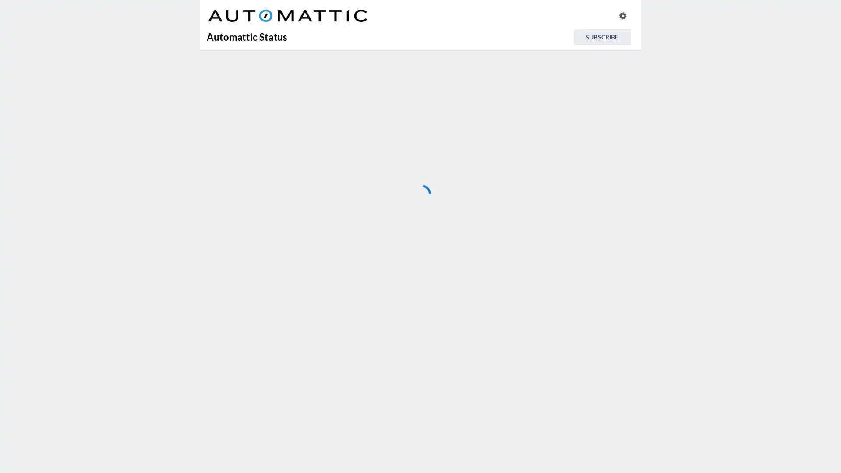 The image size is (841, 473). What do you see at coordinates (622, 15) in the screenshot?
I see `info.statuspage.switch.timezone.language` at bounding box center [622, 15].